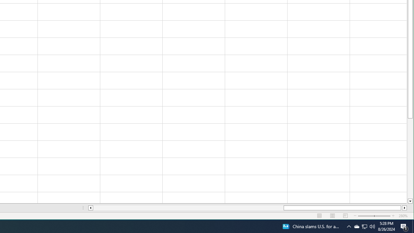 This screenshot has width=414, height=233. Describe the element at coordinates (365, 226) in the screenshot. I see `'User Promoted Notification Area'` at that location.